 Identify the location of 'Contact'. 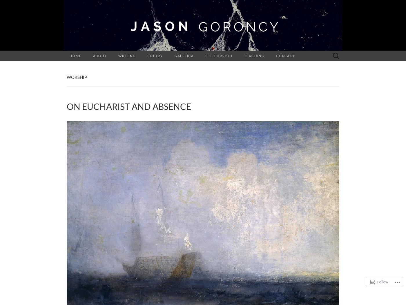
(285, 56).